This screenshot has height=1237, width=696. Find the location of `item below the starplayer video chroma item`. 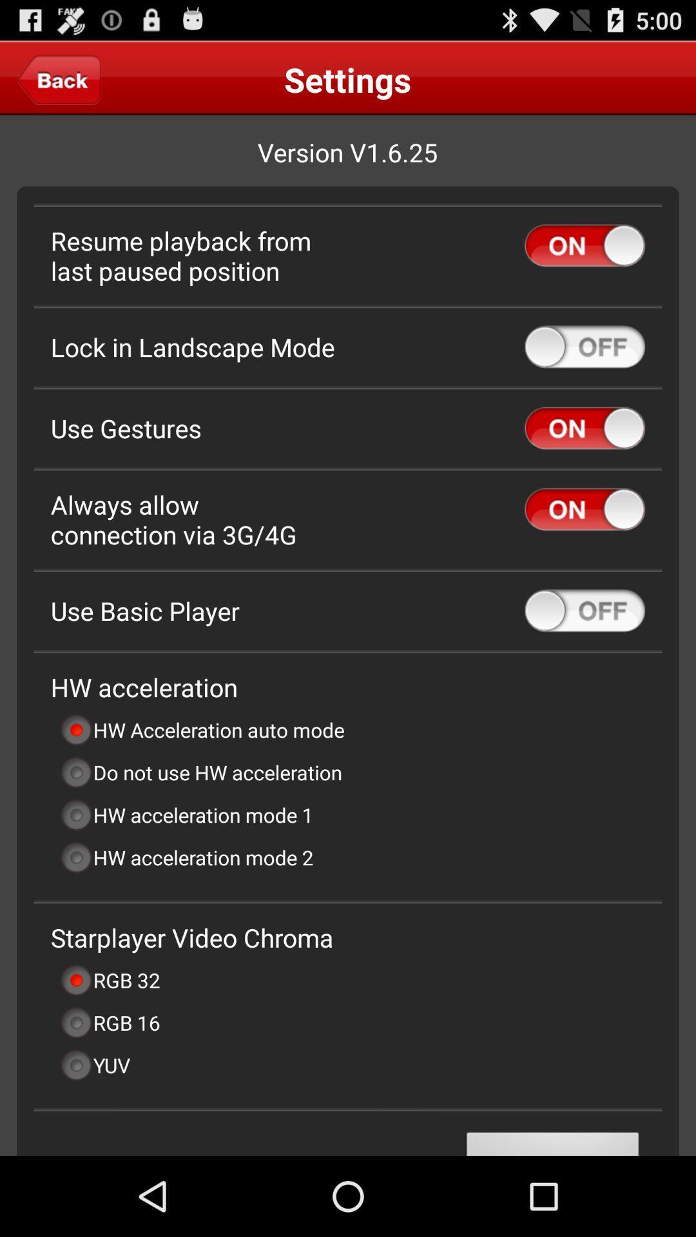

item below the starplayer video chroma item is located at coordinates (109, 979).